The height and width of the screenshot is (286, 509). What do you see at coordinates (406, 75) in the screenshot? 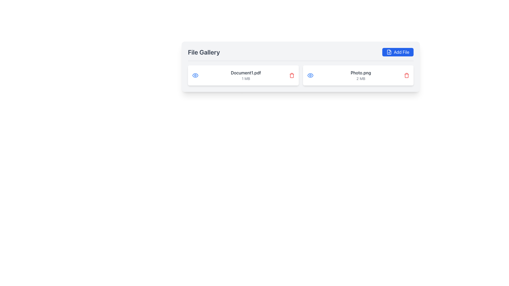
I see `the delete button located as the second interactive icon on the right side of the 'Photo.png 2 MB' file line item, which is positioned after the blue eye icon` at bounding box center [406, 75].